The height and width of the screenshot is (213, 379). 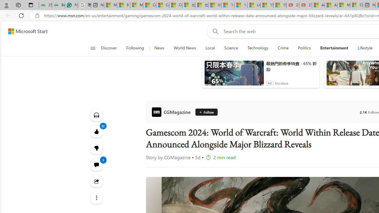 What do you see at coordinates (206, 112) in the screenshot?
I see `'Follow'` at bounding box center [206, 112].